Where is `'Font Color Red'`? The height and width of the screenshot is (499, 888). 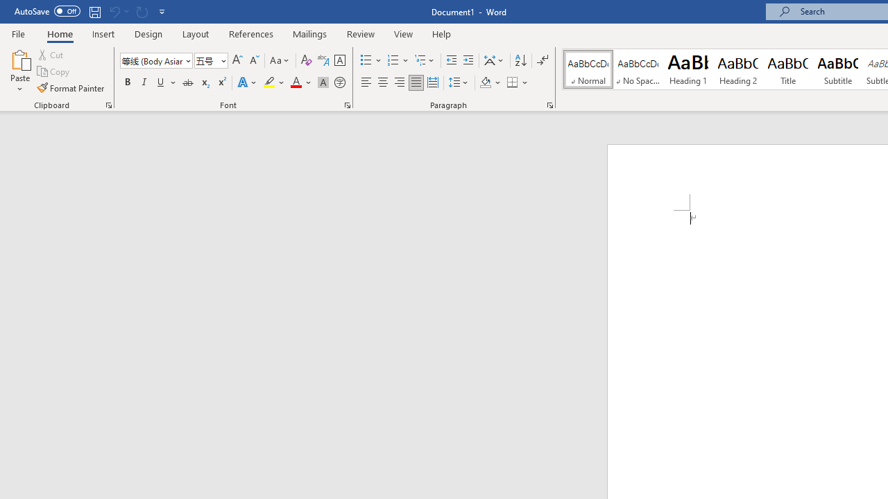 'Font Color Red' is located at coordinates (295, 82).